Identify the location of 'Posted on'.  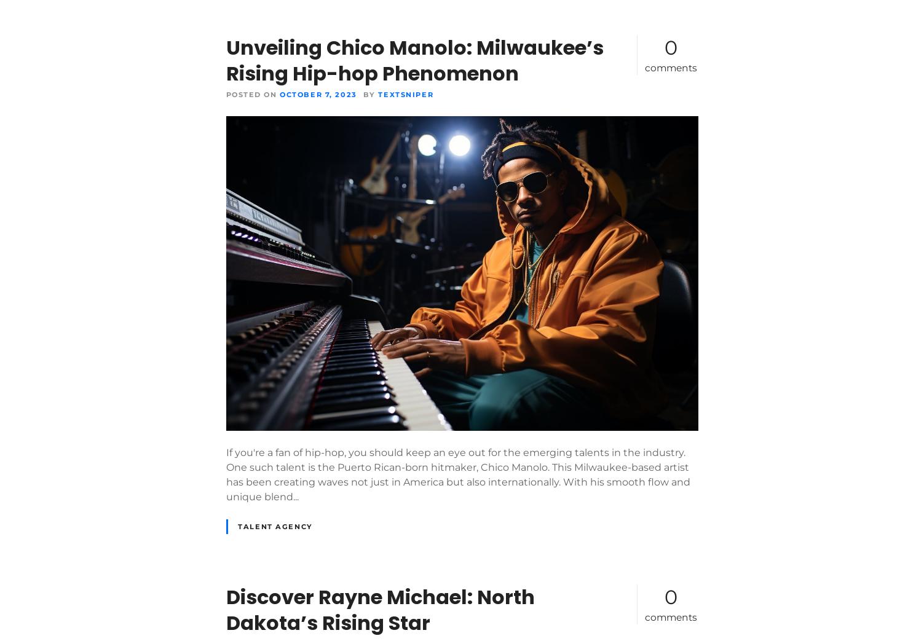
(251, 93).